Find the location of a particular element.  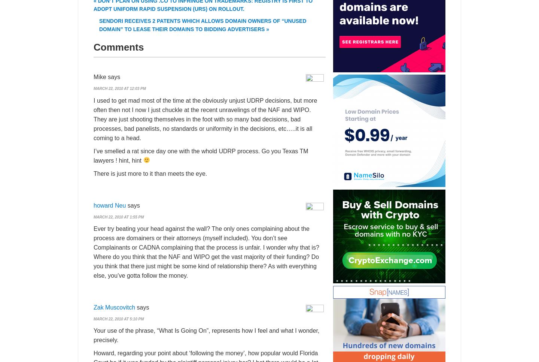

'March 22, 2010 at 5:10 pm' is located at coordinates (118, 318).